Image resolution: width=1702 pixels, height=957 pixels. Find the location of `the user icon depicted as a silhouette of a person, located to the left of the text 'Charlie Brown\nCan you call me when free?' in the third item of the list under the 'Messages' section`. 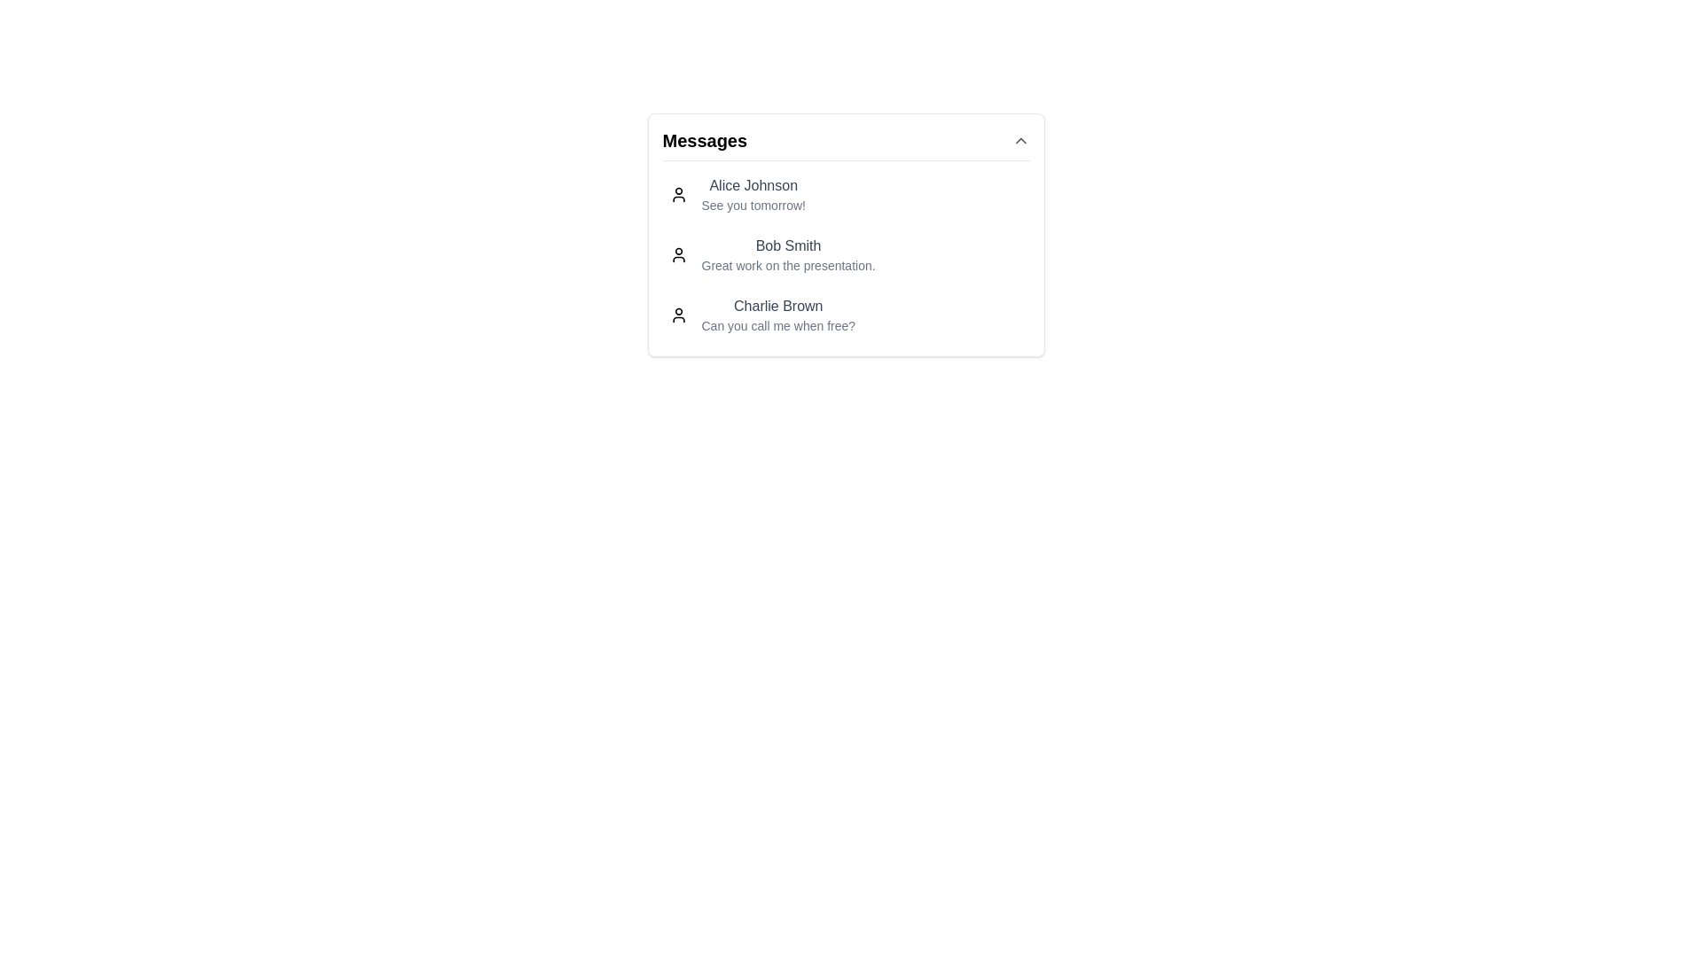

the user icon depicted as a silhouette of a person, located to the left of the text 'Charlie Brown\nCan you call me when free?' in the third item of the list under the 'Messages' section is located at coordinates (677, 314).